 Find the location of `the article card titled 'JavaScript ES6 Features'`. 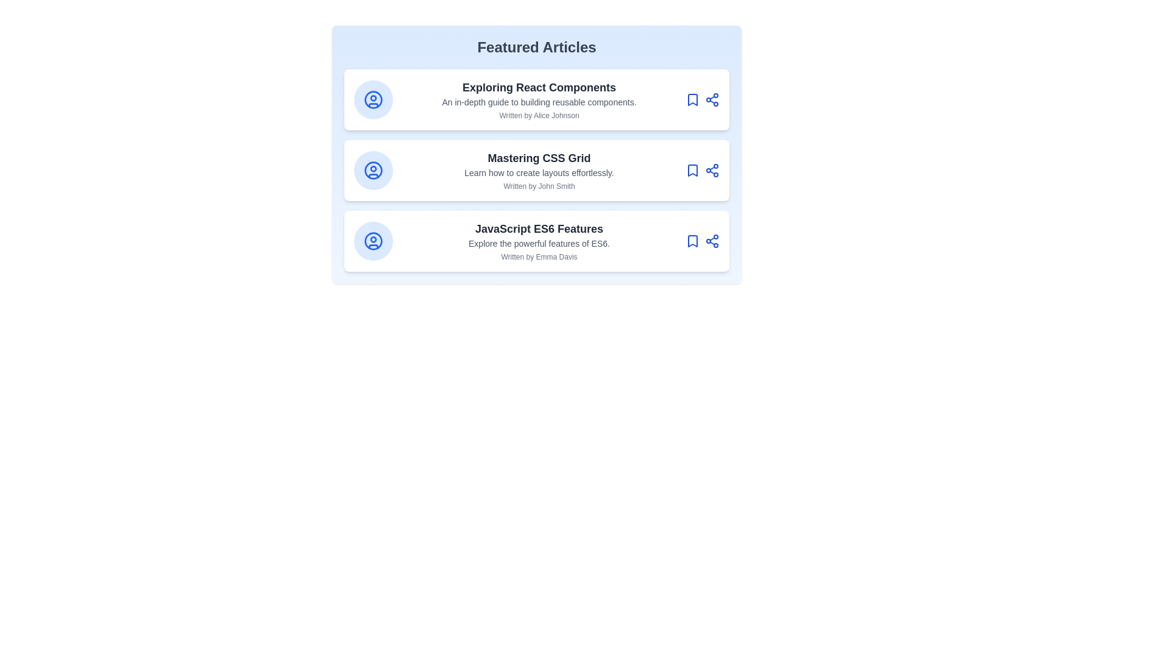

the article card titled 'JavaScript ES6 Features' is located at coordinates (536, 241).